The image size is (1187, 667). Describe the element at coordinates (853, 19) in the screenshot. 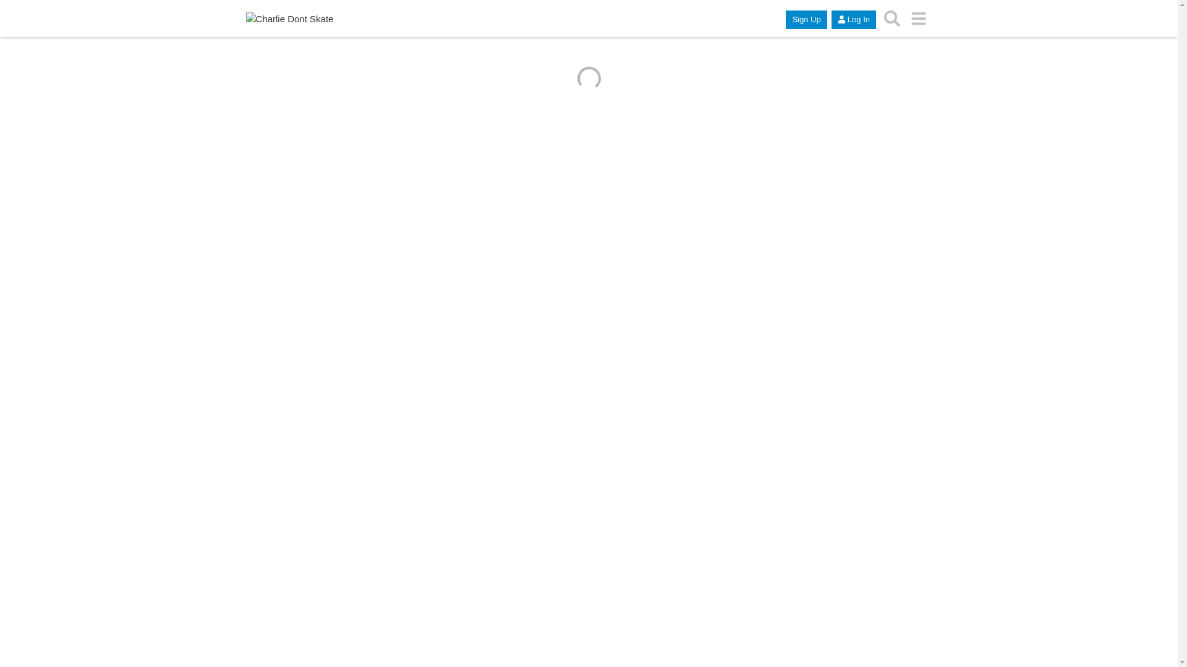

I see `'Log In'` at that location.